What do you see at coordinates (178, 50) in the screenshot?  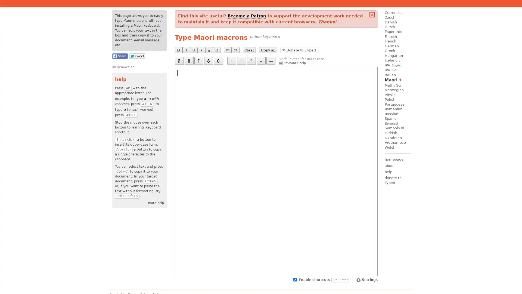 I see `B` at bounding box center [178, 50].